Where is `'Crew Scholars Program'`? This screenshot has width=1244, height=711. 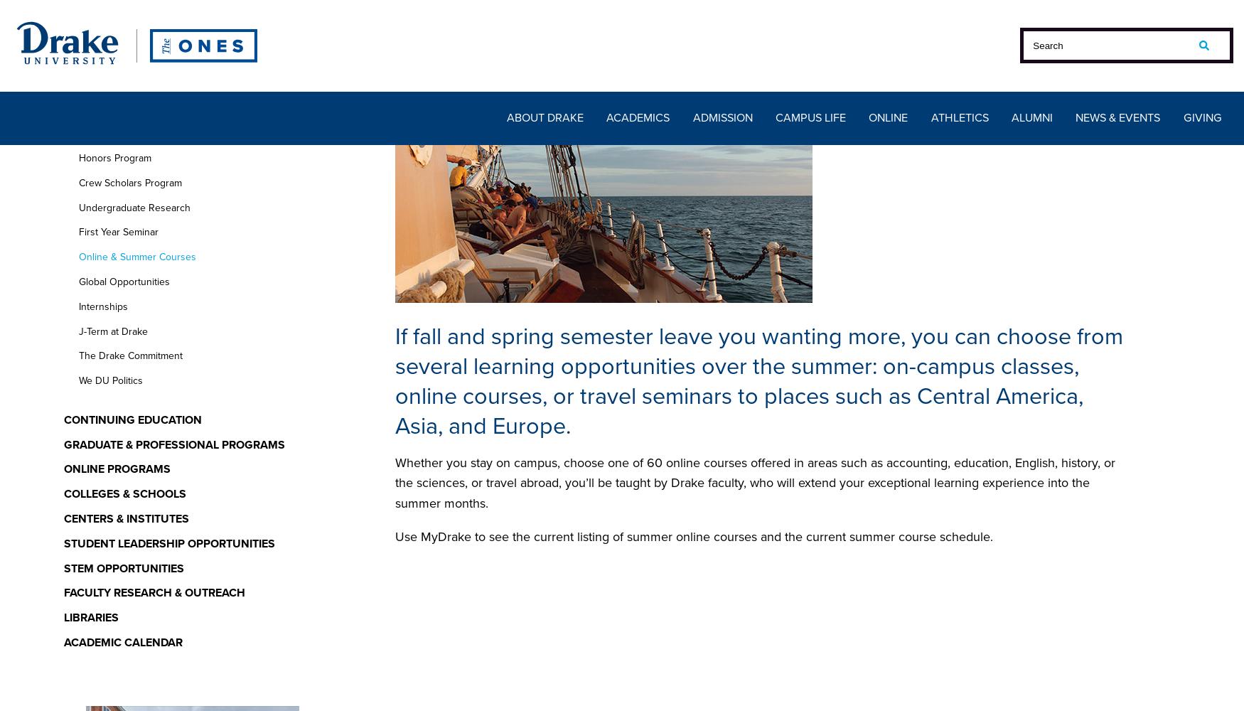 'Crew Scholars Program' is located at coordinates (129, 182).